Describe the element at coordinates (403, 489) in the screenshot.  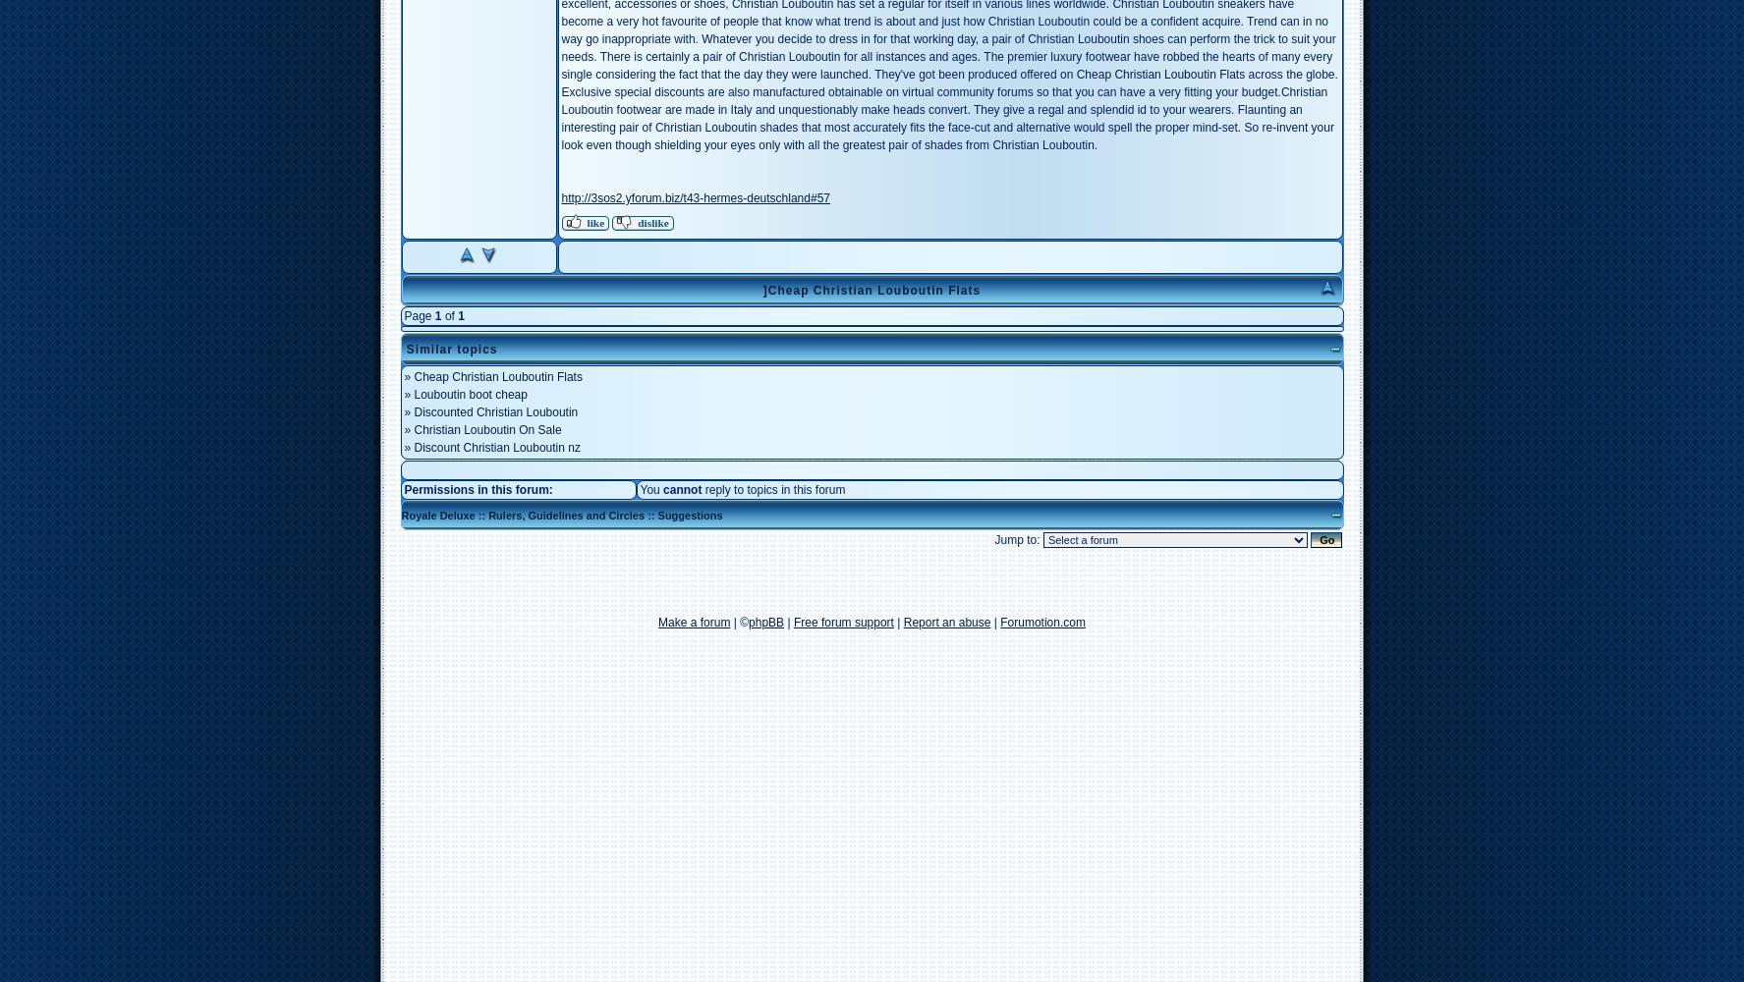
I see `'Permissions in this forum:'` at that location.